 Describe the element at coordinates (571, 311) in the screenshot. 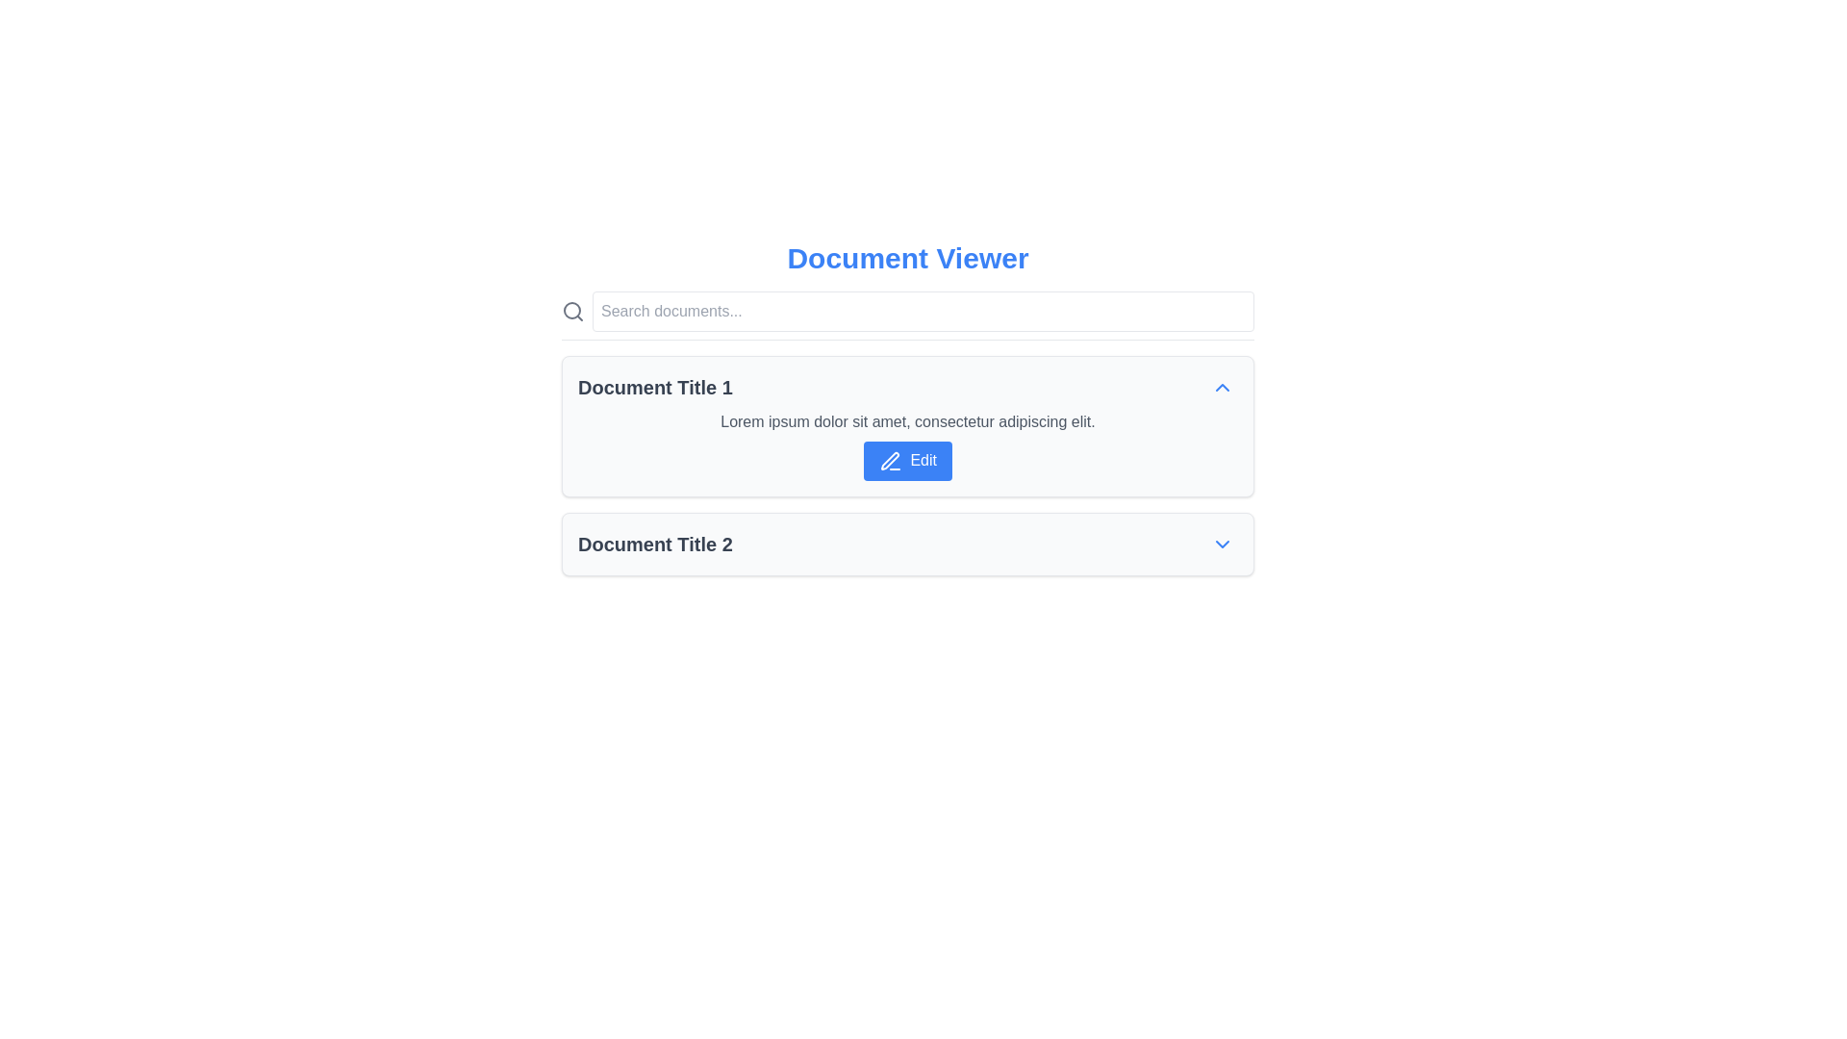

I see `the search icon located on the left side of the search bar in the upper section of the interface, which serves as a visual indicator for search functionality` at that location.